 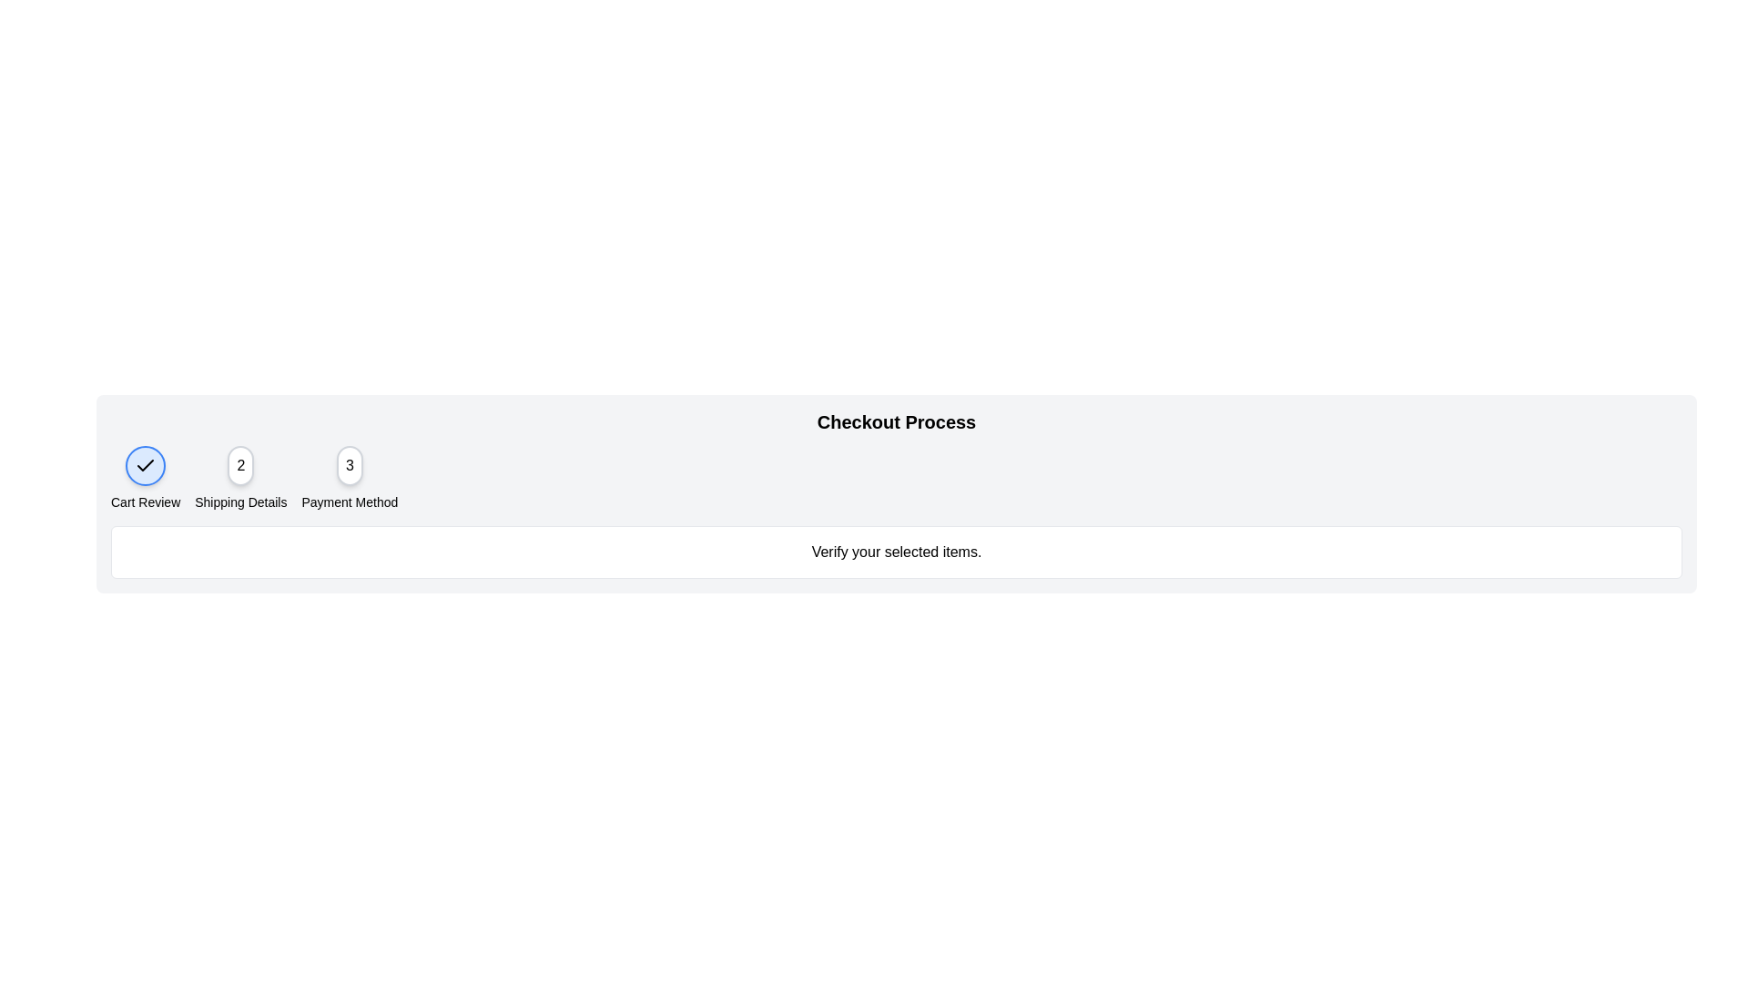 What do you see at coordinates (146, 464) in the screenshot?
I see `the black checkmark icon inside the first circular step marker of the 'Cart Review' section in the checkout progress bar` at bounding box center [146, 464].